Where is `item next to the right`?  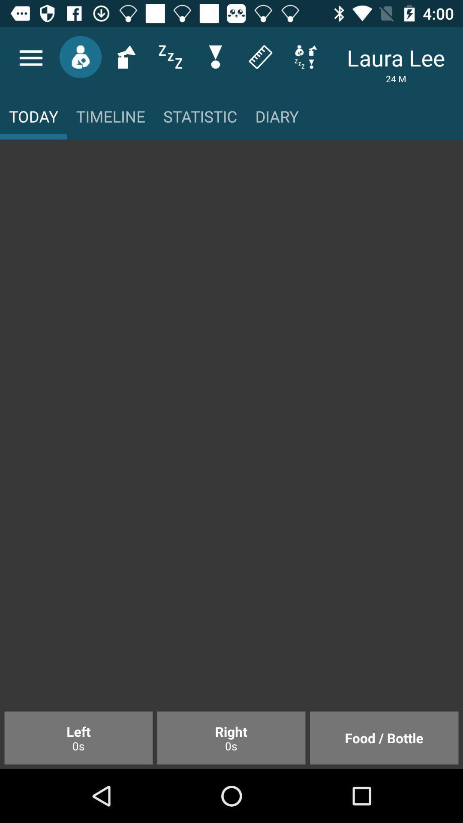
item next to the right is located at coordinates (78, 737).